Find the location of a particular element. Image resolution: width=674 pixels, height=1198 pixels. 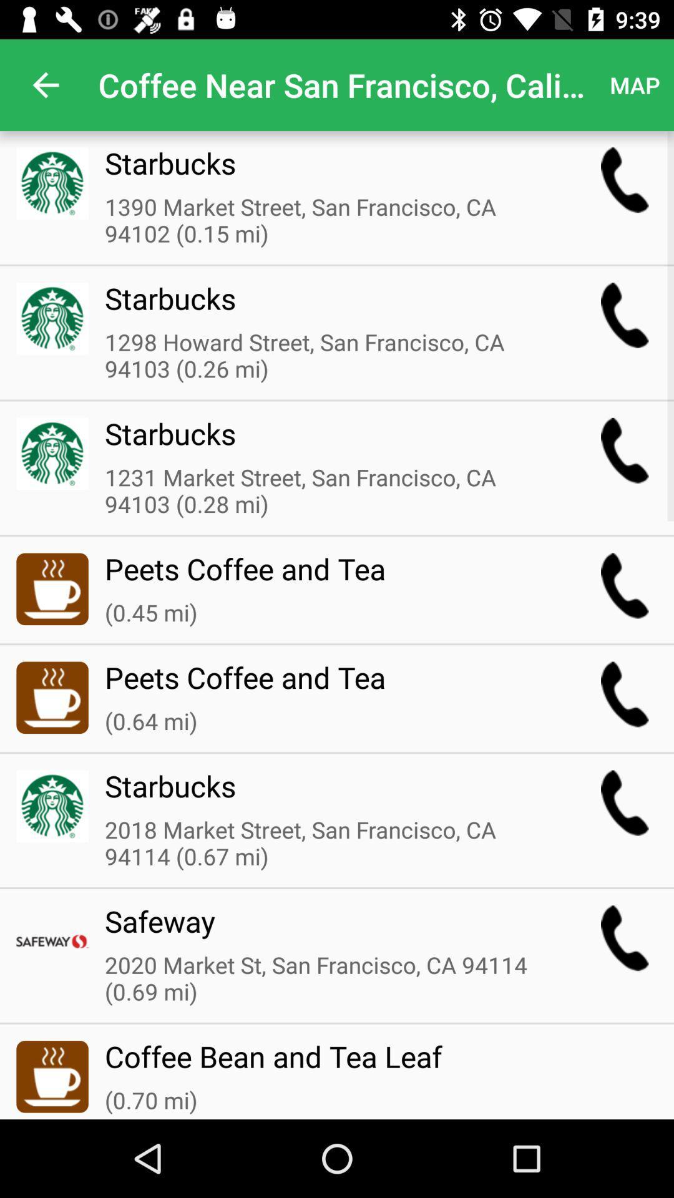

the icon to the right of coffee near san icon is located at coordinates (635, 84).